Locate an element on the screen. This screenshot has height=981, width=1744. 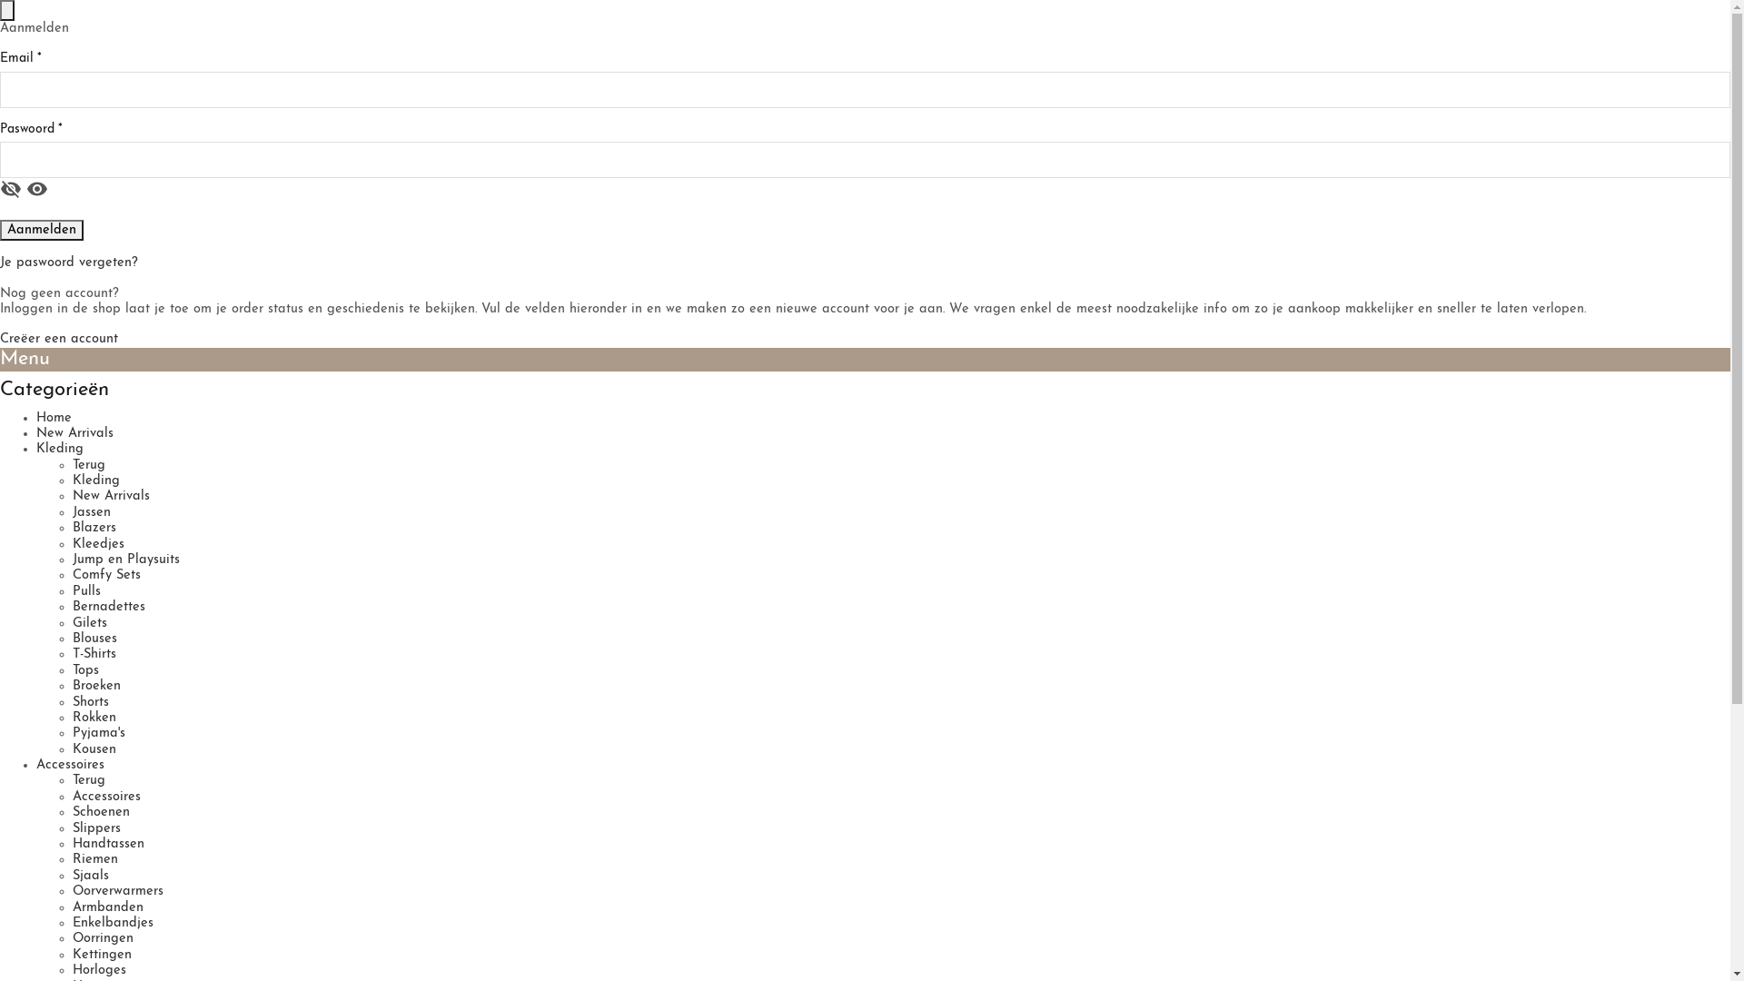
'Bernadettes' is located at coordinates (108, 607).